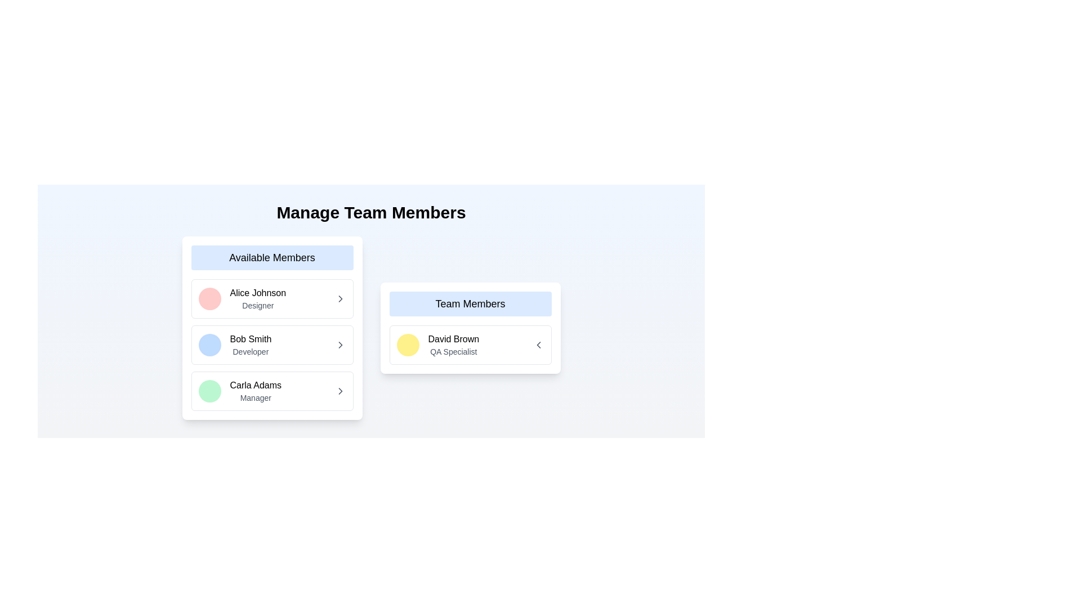  What do you see at coordinates (250, 345) in the screenshot?
I see `the text element that displays the name and role of the second member in the 'Available Members' list, positioned below 'Alice Johnson' and above 'Carla Adams'` at bounding box center [250, 345].